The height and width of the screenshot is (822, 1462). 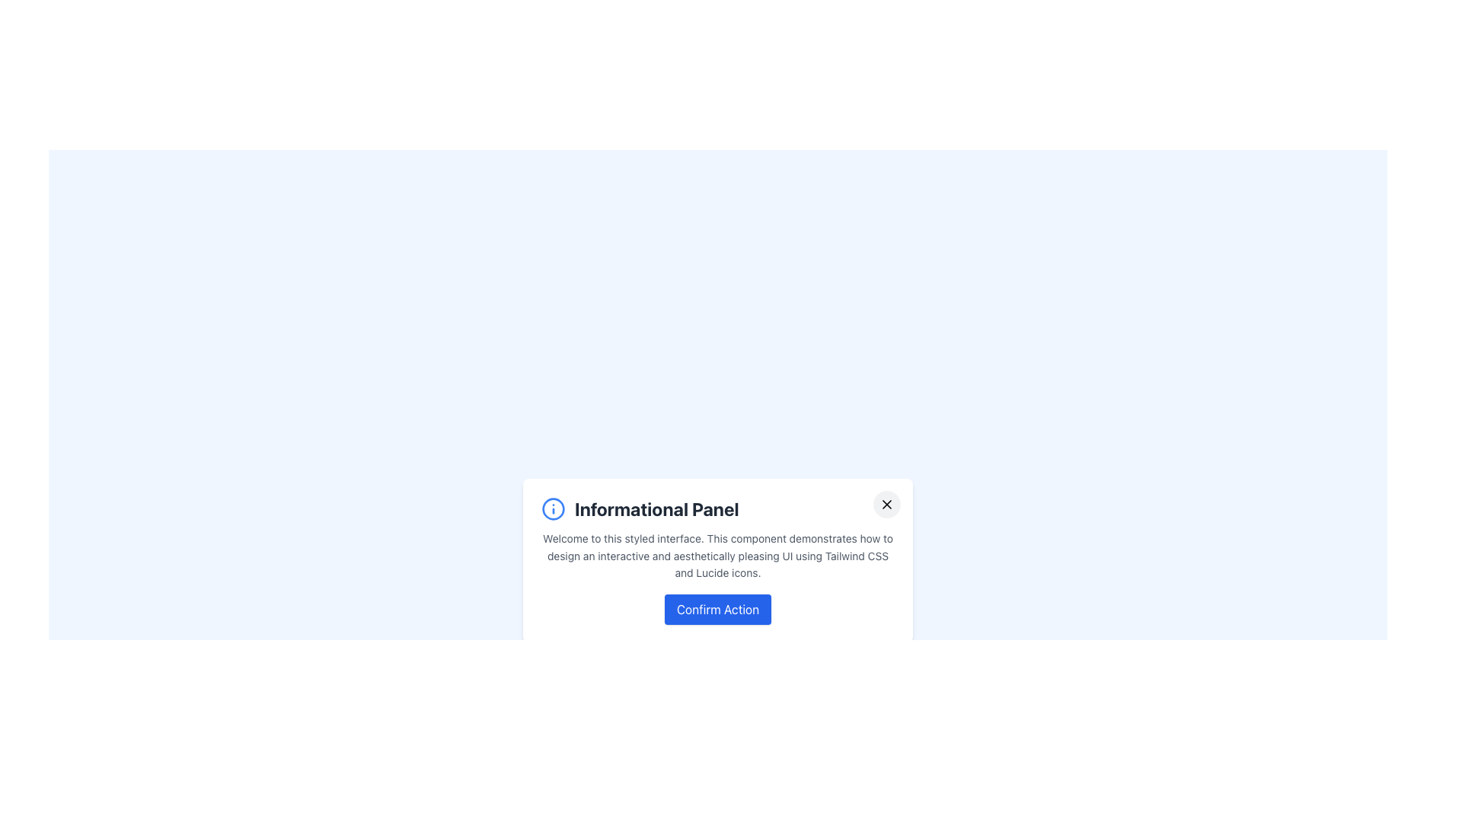 I want to click on the Text Label that serves as a title or heading for an informational modal, located to the right of the circular 'info' icon in the center of the interface, so click(x=656, y=508).